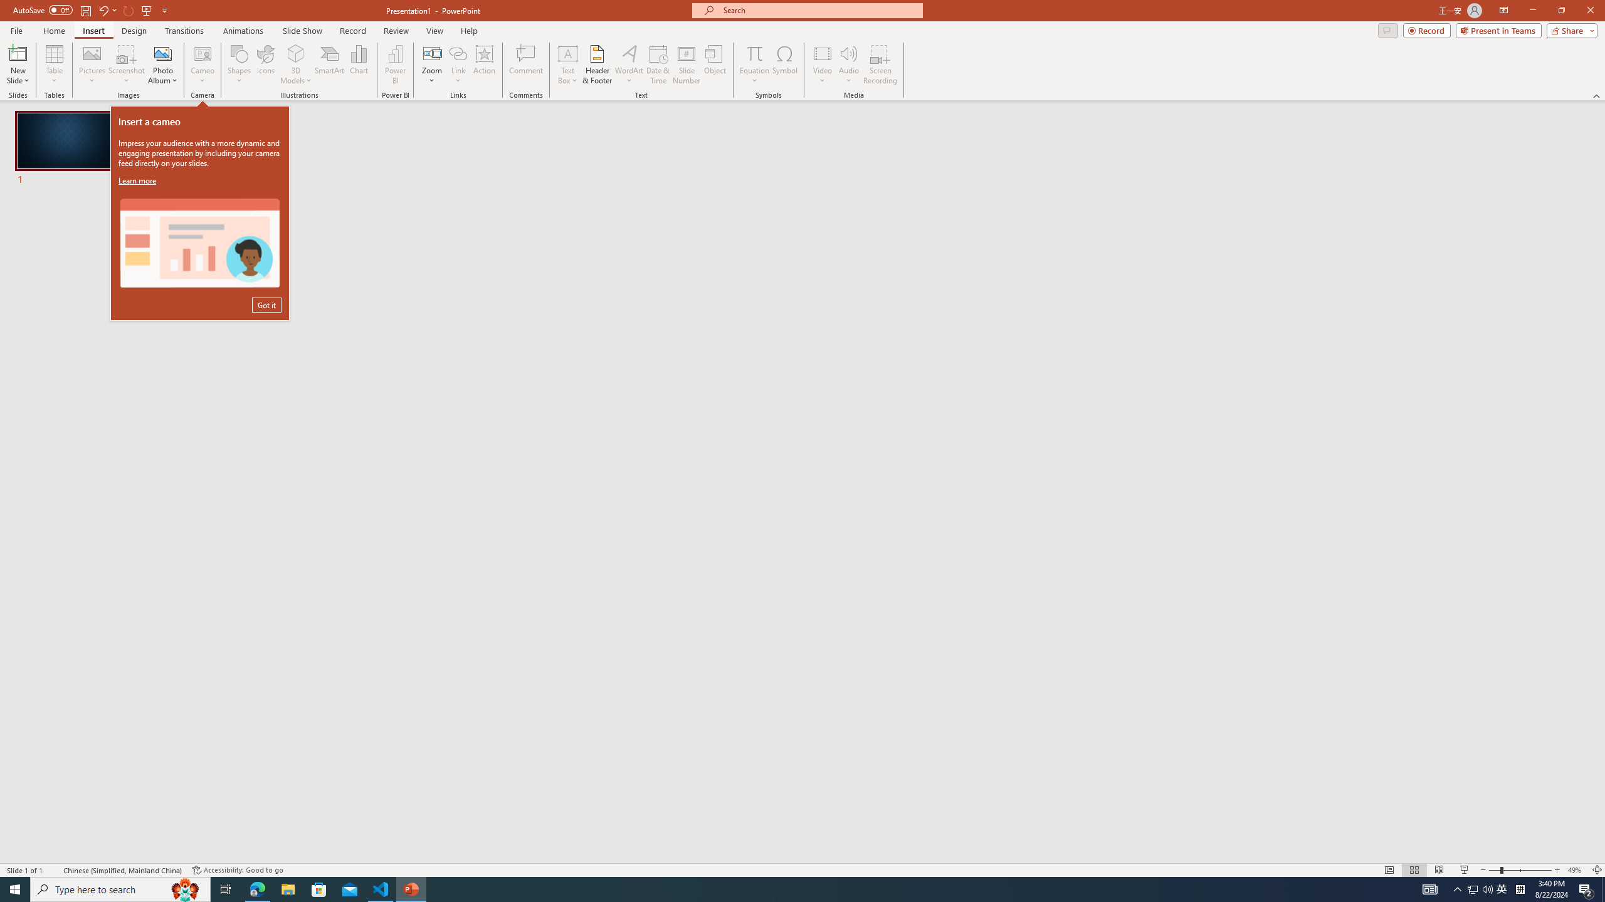  Describe the element at coordinates (784, 65) in the screenshot. I see `'Symbol...'` at that location.